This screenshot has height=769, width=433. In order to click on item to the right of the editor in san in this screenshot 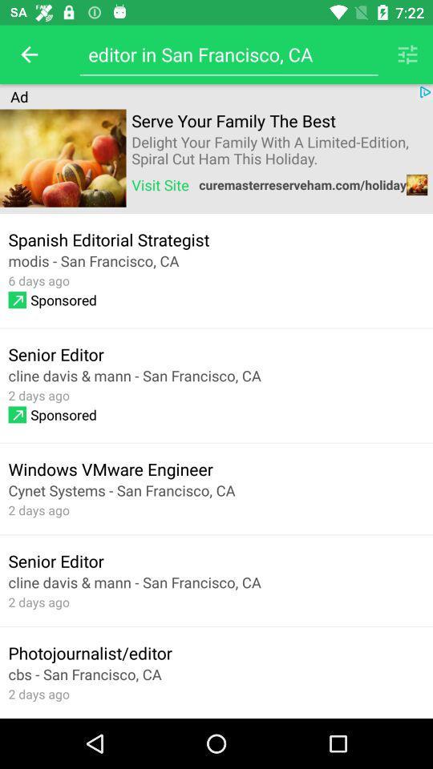, I will do `click(407, 54)`.